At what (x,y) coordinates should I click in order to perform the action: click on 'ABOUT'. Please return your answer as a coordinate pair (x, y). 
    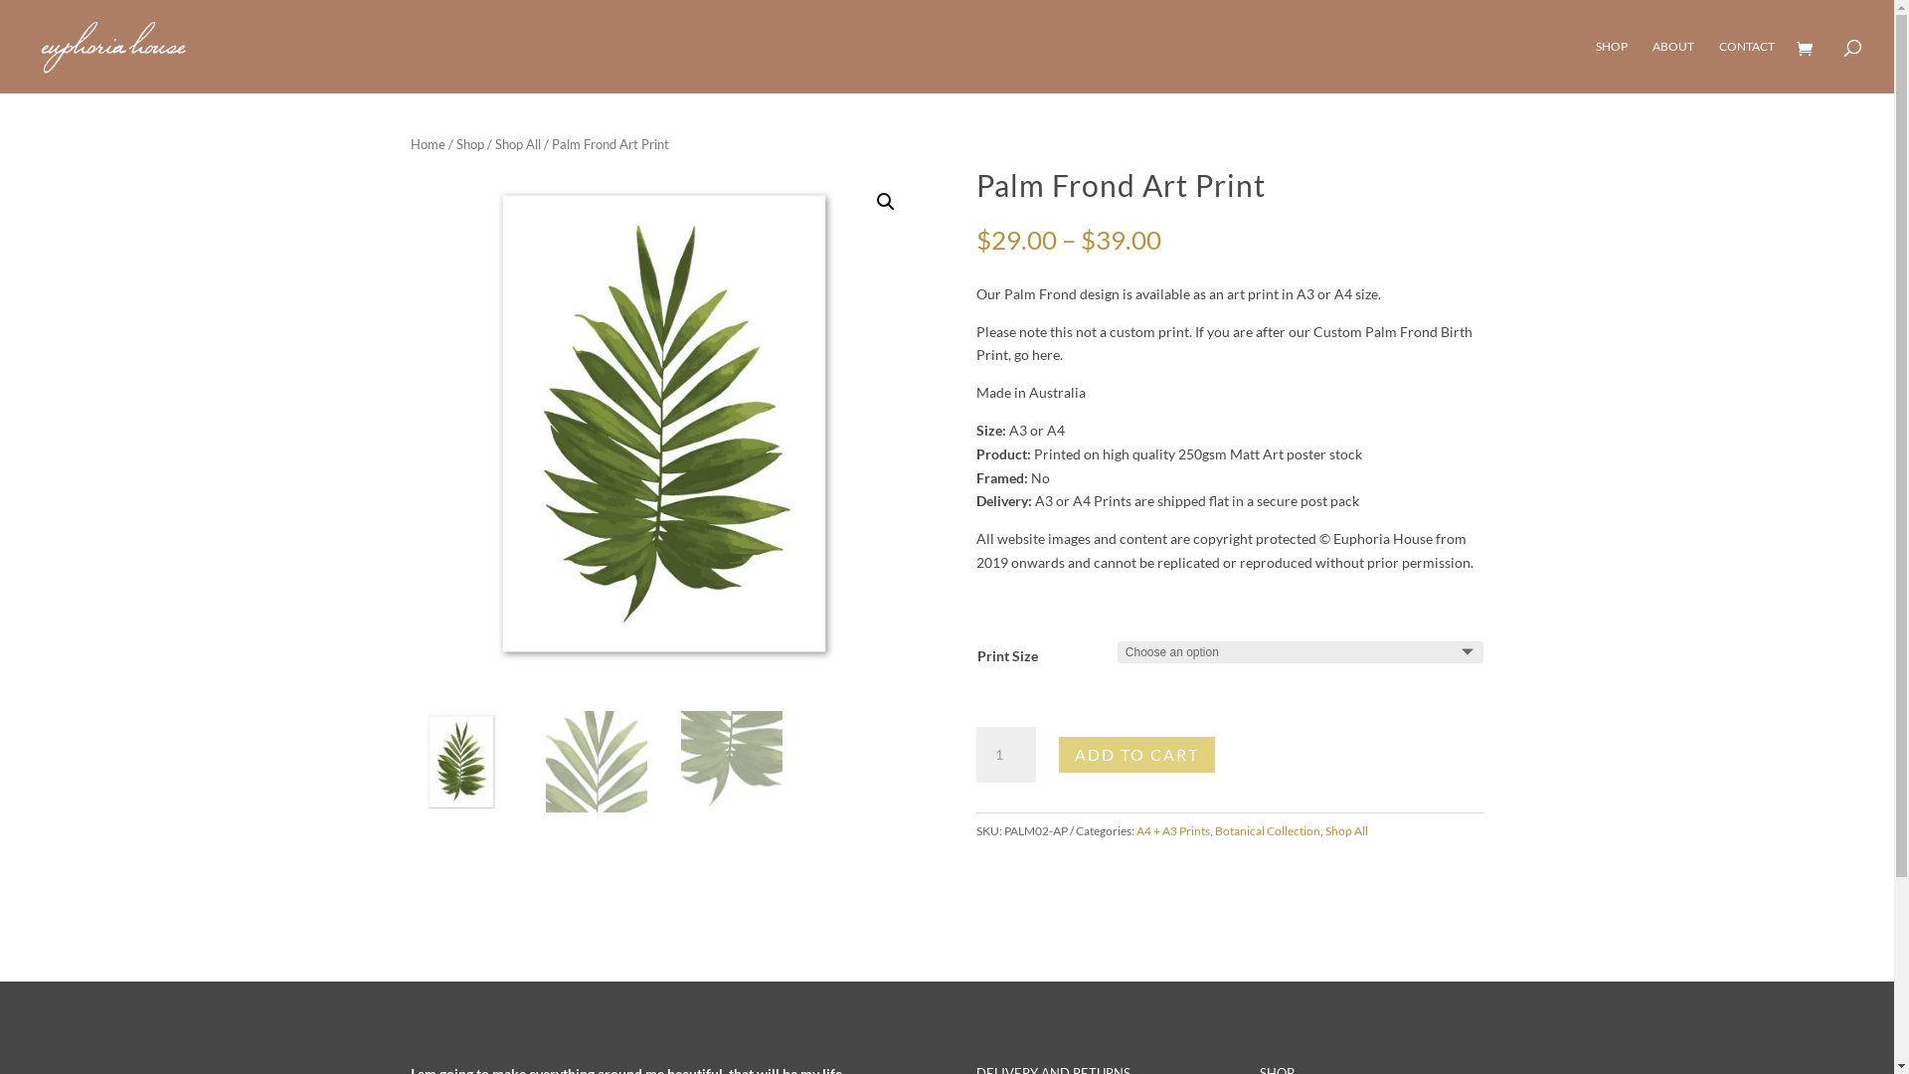
    Looking at the image, I should click on (1672, 65).